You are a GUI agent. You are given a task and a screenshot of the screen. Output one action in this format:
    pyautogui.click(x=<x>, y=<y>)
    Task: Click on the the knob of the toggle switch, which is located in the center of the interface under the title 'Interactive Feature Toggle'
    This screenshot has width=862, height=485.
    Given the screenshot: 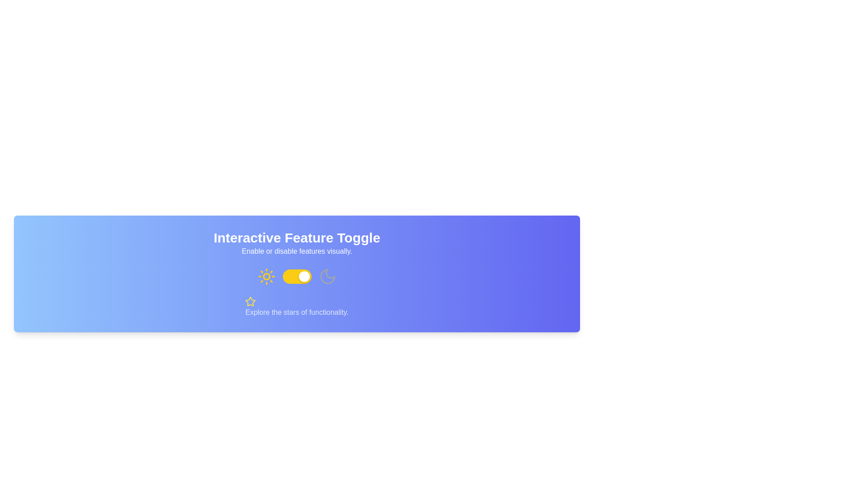 What is the action you would take?
    pyautogui.click(x=297, y=276)
    